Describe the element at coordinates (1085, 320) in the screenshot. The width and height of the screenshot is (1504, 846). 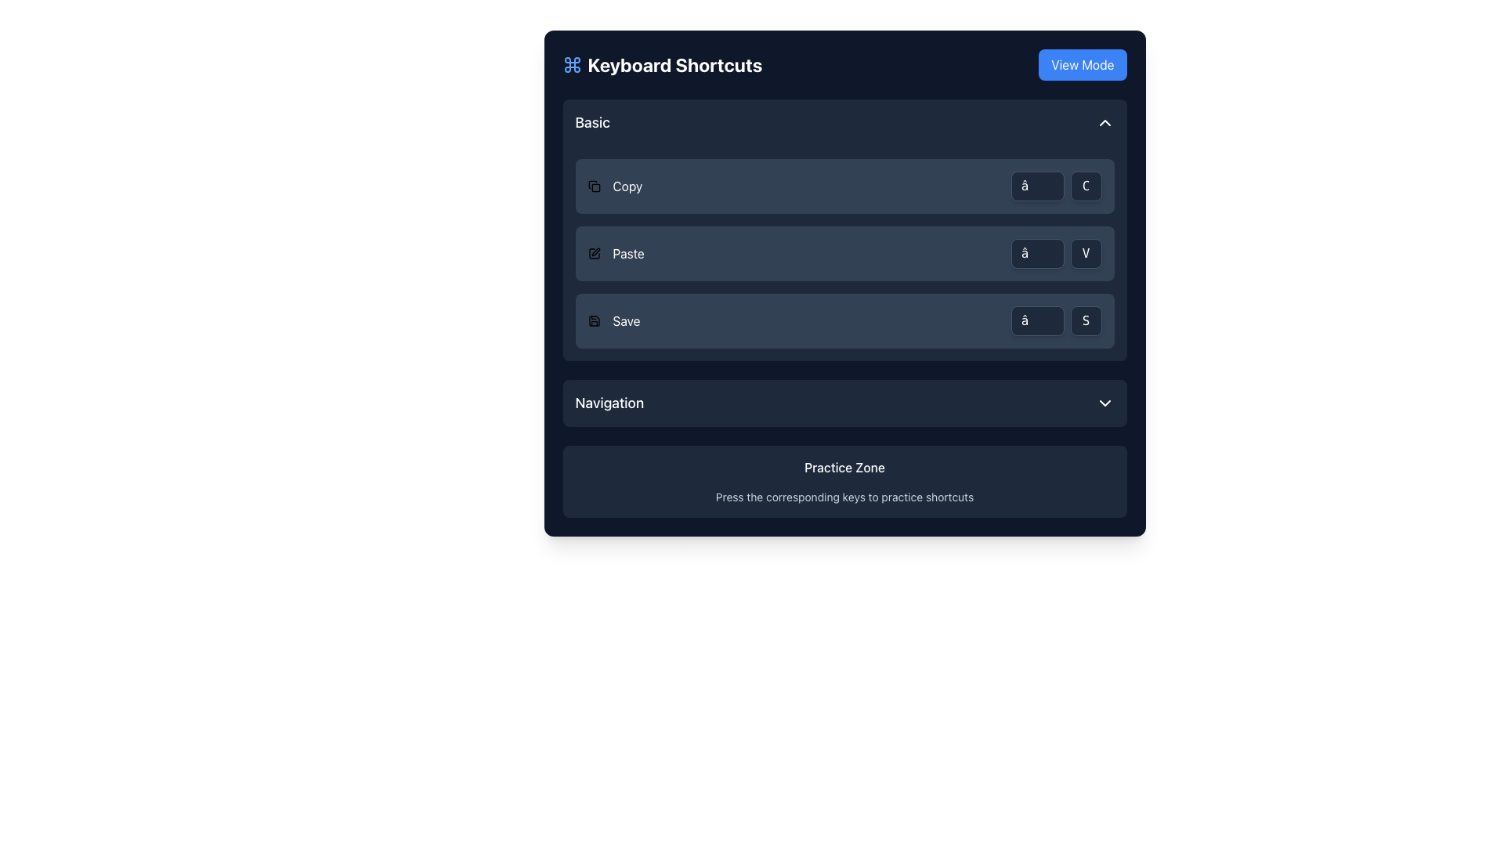
I see `the dark slate rectangular button with a white 'S' character, located in the 'Save' row as the second button in a pair` at that location.